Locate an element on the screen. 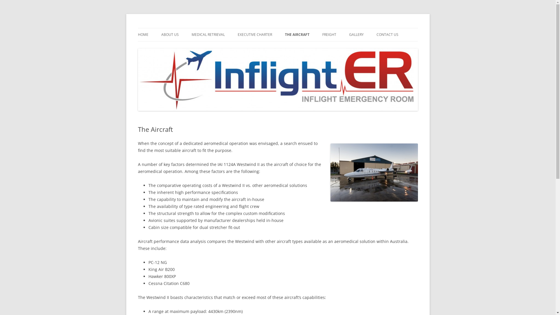  'GALLERY' is located at coordinates (356, 35).